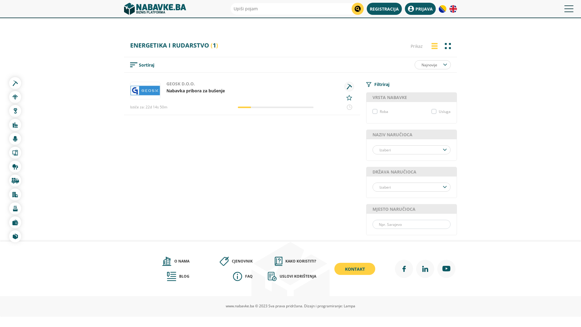 The image size is (581, 327). I want to click on 'KAKO KORISTITI?', so click(284, 261).